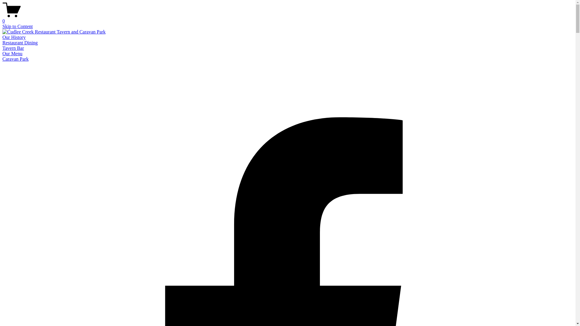 The image size is (580, 326). I want to click on 'Skip to Content', so click(17, 26).